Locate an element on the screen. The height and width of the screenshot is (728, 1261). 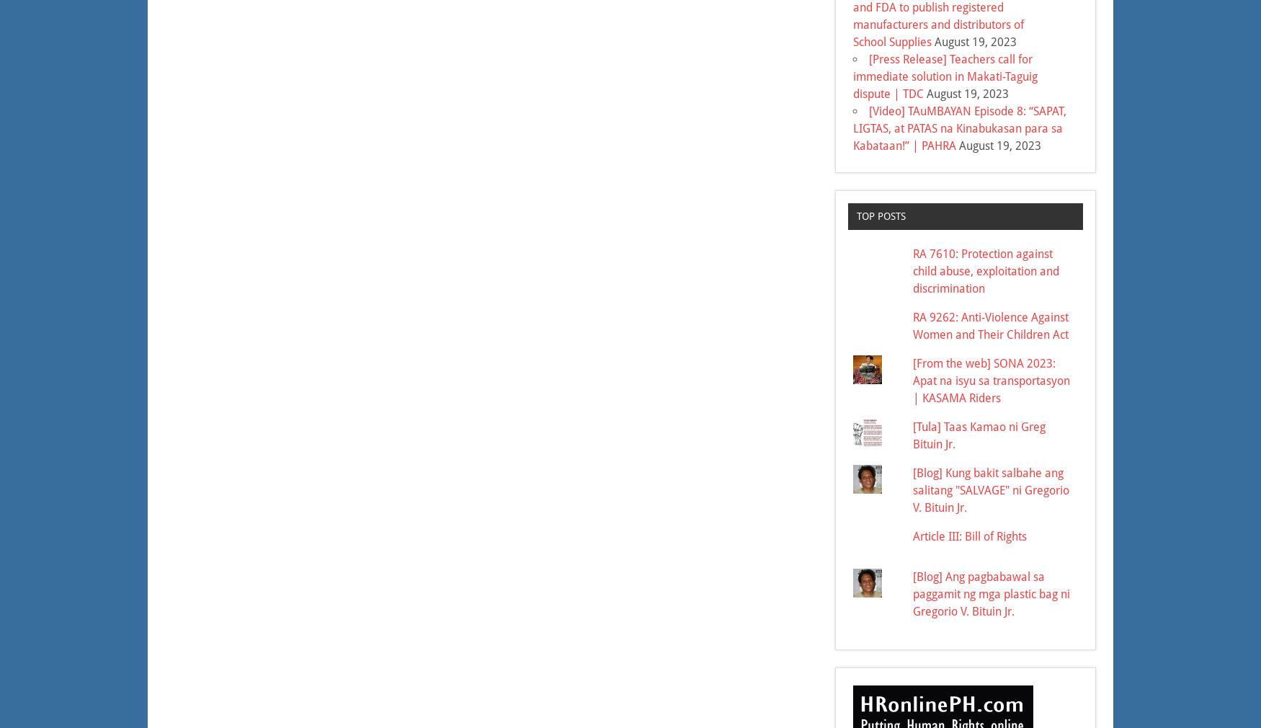
'[Video] TAuMBAYAN Episode 8: “SAPAT, LIGTAS, at PATAS na Kinabukasan para sa Kabataan!” | PAHRA' is located at coordinates (959, 128).